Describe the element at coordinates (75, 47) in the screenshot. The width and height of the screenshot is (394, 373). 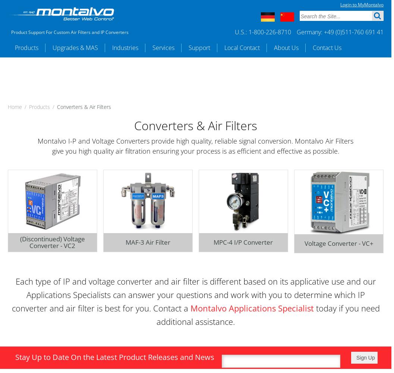
I see `'Upgrades & MAS'` at that location.